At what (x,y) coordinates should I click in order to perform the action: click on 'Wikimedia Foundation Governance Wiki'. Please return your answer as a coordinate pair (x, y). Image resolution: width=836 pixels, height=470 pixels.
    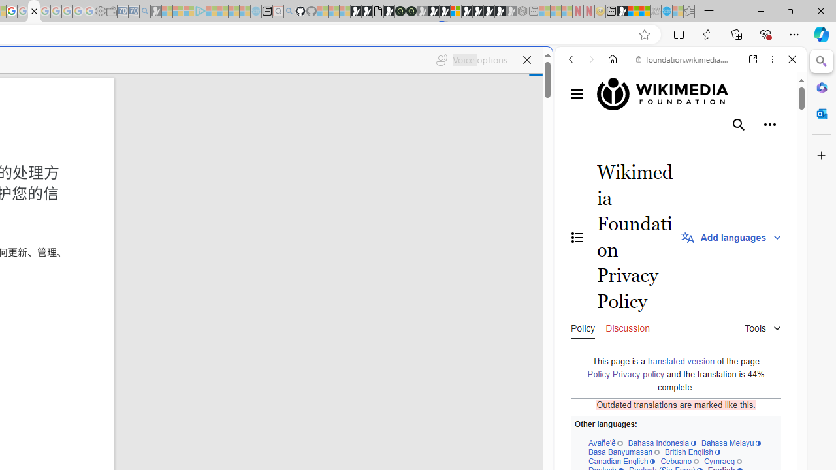
    Looking at the image, I should click on (669, 93).